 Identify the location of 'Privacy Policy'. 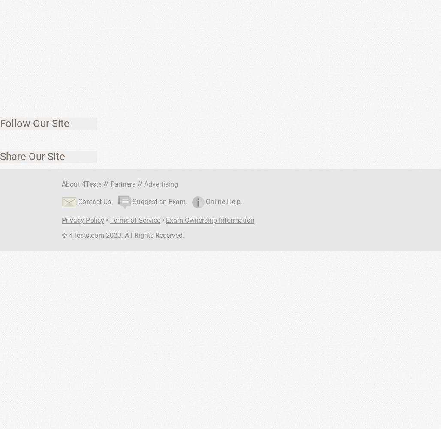
(83, 220).